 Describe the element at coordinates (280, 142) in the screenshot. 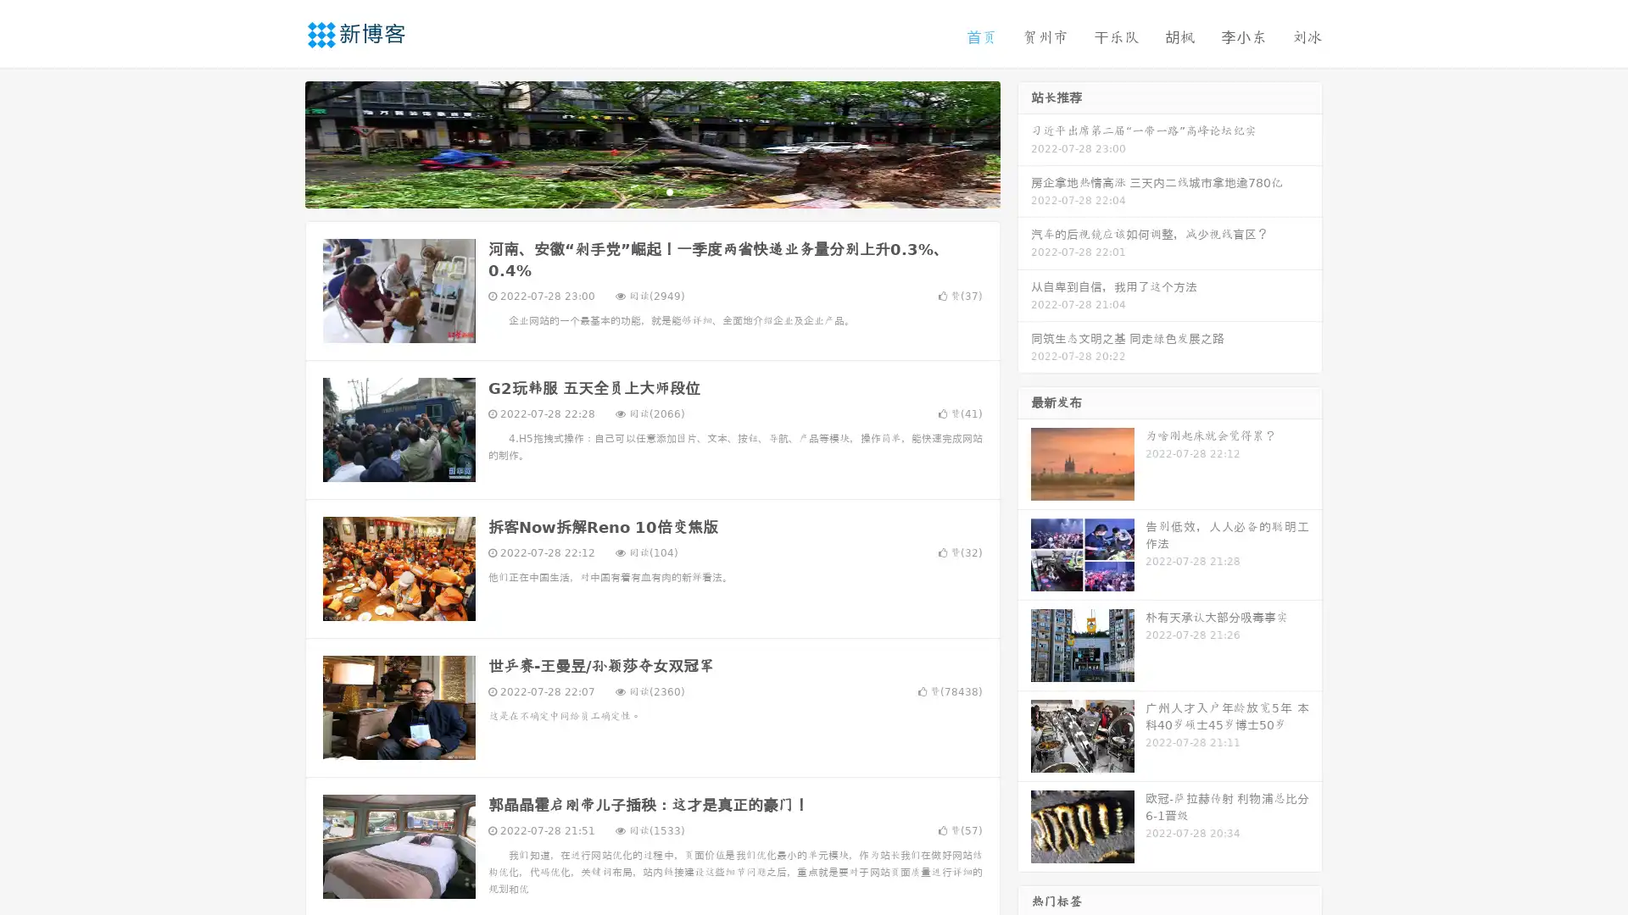

I see `Previous slide` at that location.